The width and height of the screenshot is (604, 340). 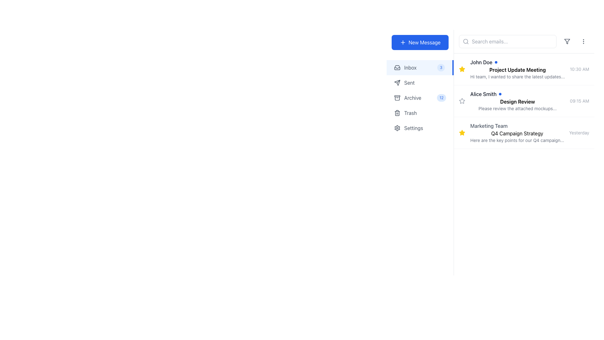 What do you see at coordinates (397, 82) in the screenshot?
I see `the paper plane icon representing the 'Send' functionality located in the left-side panel next to the 'Sent' label` at bounding box center [397, 82].